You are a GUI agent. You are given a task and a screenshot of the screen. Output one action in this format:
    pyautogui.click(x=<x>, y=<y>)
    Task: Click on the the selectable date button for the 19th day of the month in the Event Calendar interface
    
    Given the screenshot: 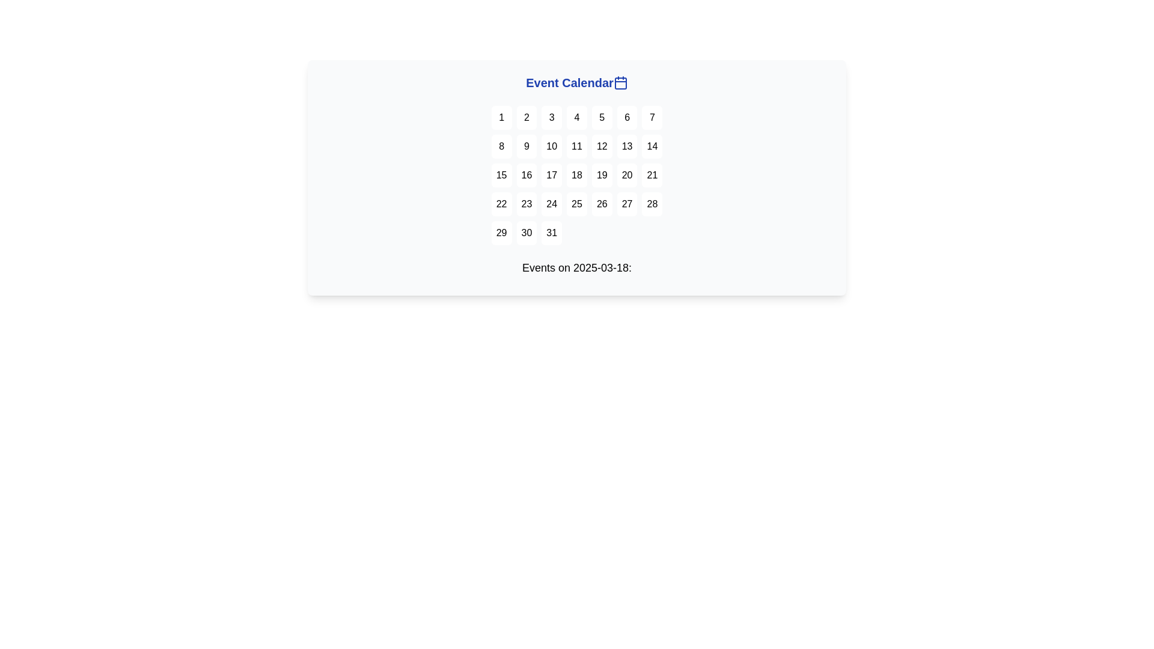 What is the action you would take?
    pyautogui.click(x=602, y=175)
    